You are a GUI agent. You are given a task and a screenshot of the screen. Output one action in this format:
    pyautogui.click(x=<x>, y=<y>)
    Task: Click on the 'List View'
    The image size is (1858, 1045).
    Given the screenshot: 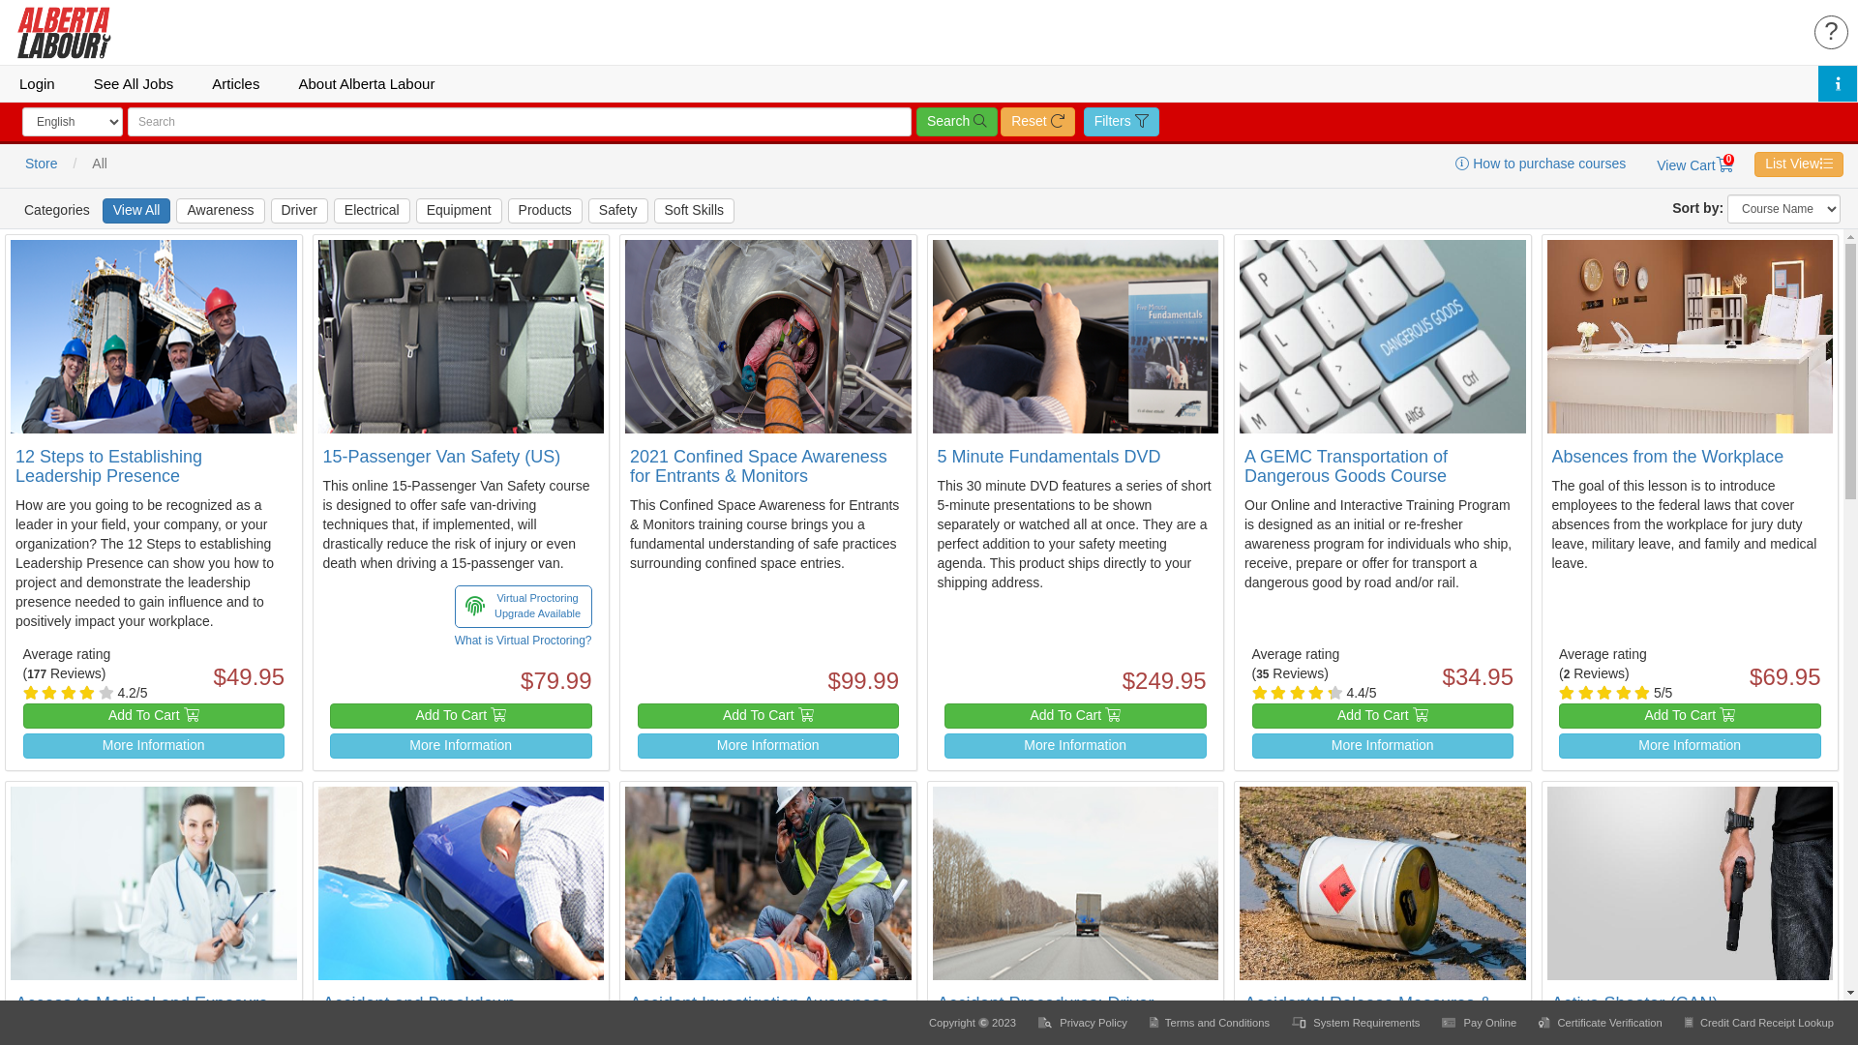 What is the action you would take?
    pyautogui.click(x=1754, y=163)
    